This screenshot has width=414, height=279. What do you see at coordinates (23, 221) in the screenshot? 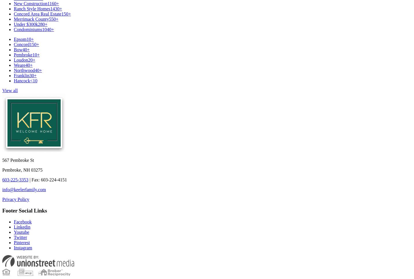
I see `'Facebook'` at bounding box center [23, 221].